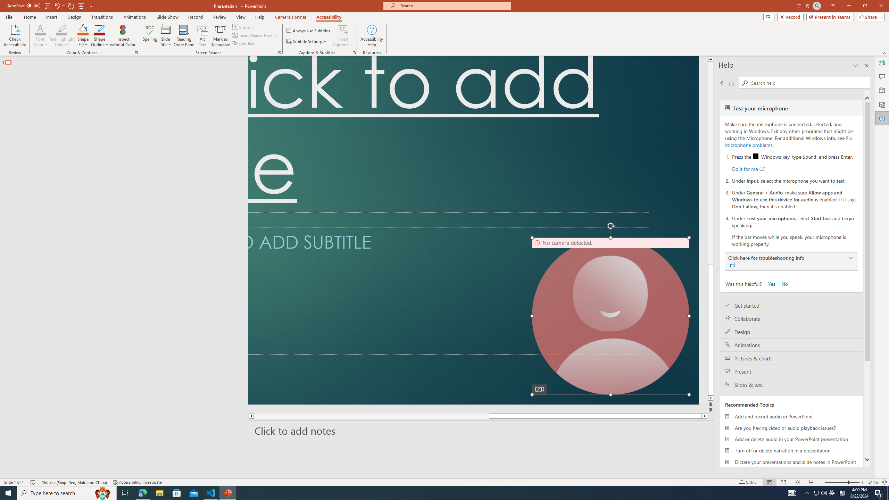  Describe the element at coordinates (791, 261) in the screenshot. I see `'Click here for troubleshooting info'` at that location.